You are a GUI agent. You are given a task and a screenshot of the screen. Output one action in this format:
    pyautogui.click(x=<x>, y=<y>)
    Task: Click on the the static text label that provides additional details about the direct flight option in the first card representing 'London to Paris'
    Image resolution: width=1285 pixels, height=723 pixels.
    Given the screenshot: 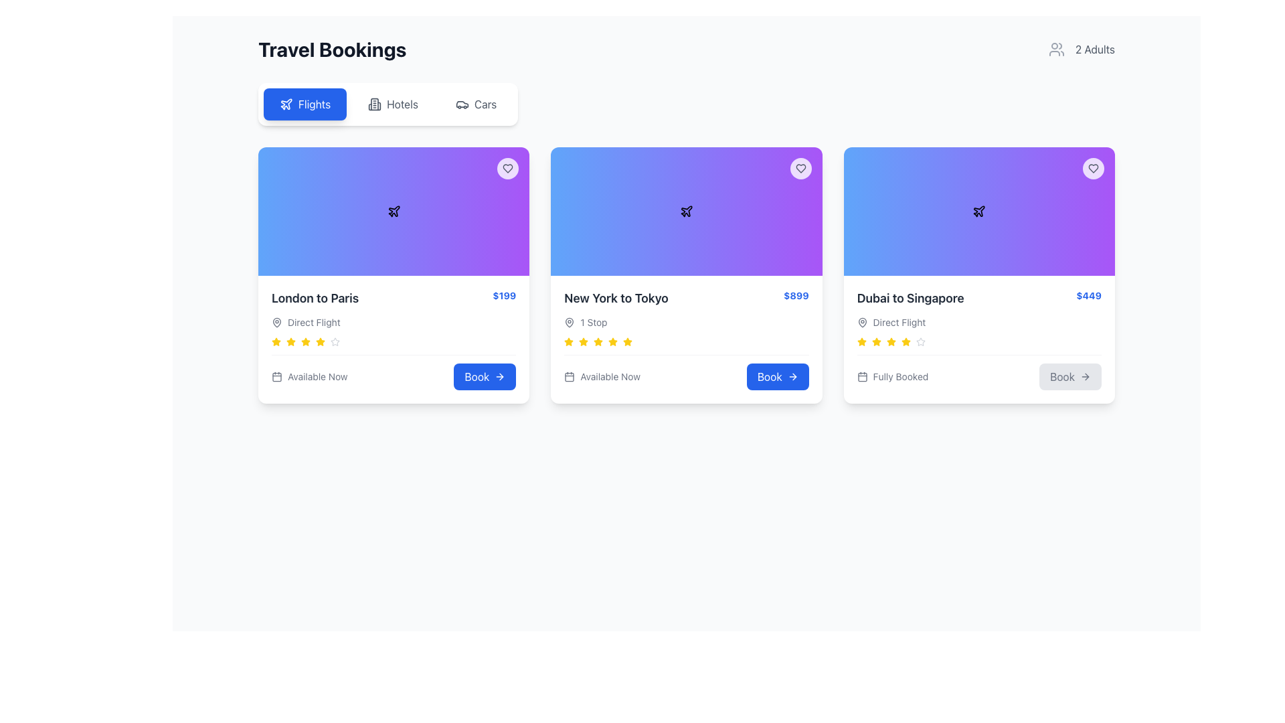 What is the action you would take?
    pyautogui.click(x=313, y=323)
    